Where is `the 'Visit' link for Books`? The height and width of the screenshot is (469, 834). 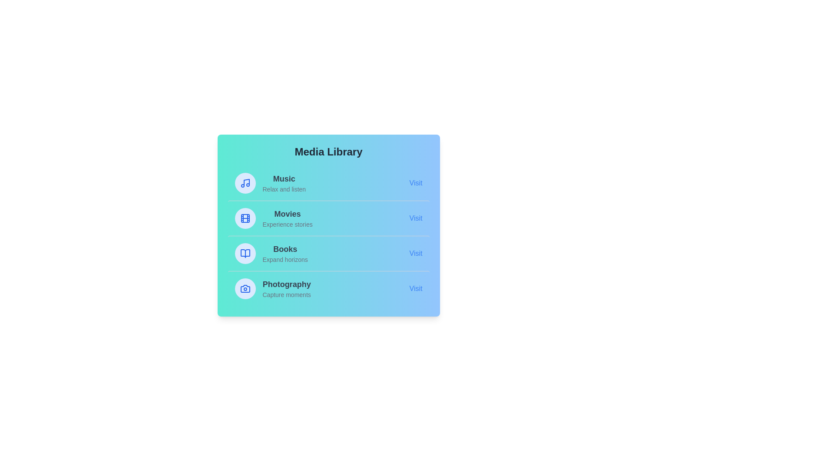
the 'Visit' link for Books is located at coordinates (415, 253).